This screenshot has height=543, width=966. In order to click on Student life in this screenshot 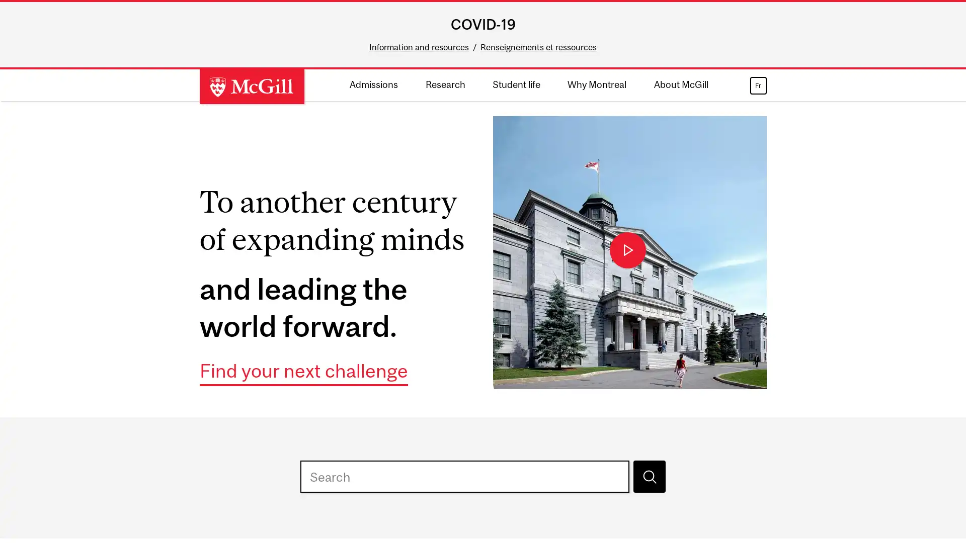, I will do `click(516, 84)`.